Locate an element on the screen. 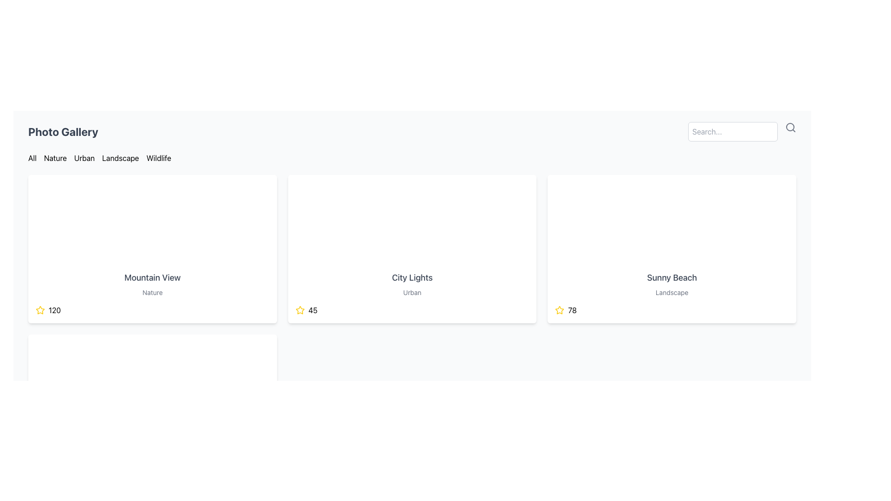 This screenshot has height=501, width=891. the decorative icon indicating the rating or favorite status located to the left of the text '78' under the 'Sunny Beach' section, adjacent to the bottom-right corner of the corresponding card in the gallery is located at coordinates (559, 310).